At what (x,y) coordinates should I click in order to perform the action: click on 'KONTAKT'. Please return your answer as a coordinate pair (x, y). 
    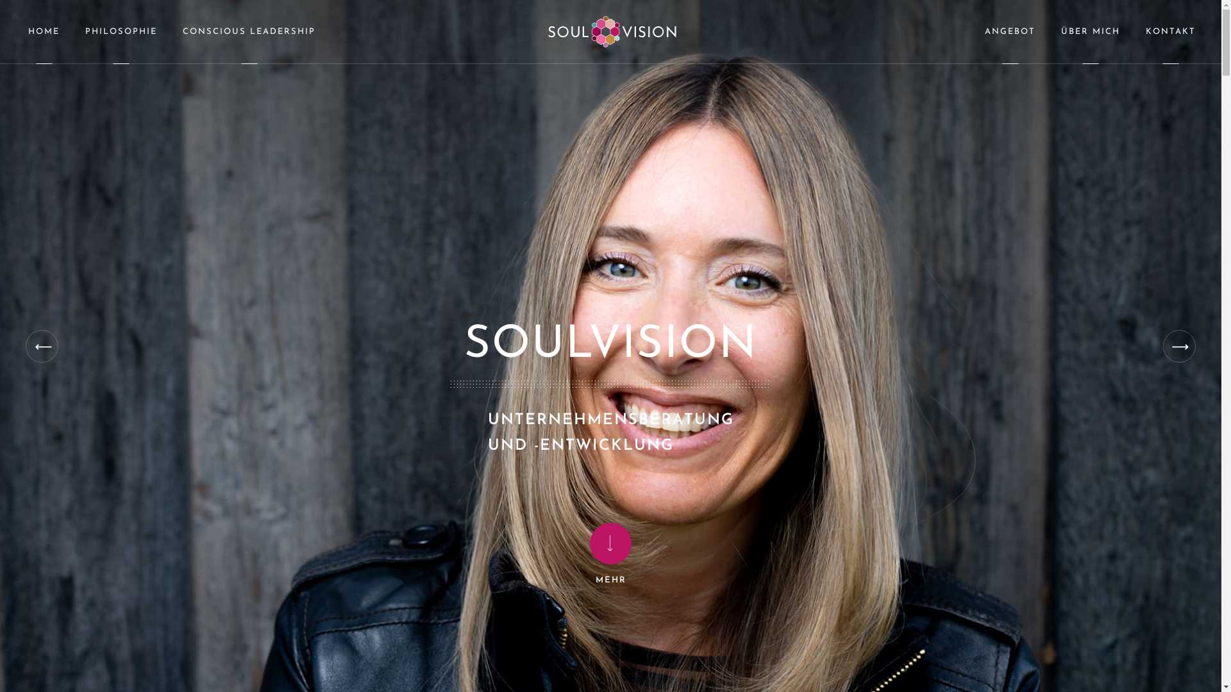
    Looking at the image, I should click on (1170, 31).